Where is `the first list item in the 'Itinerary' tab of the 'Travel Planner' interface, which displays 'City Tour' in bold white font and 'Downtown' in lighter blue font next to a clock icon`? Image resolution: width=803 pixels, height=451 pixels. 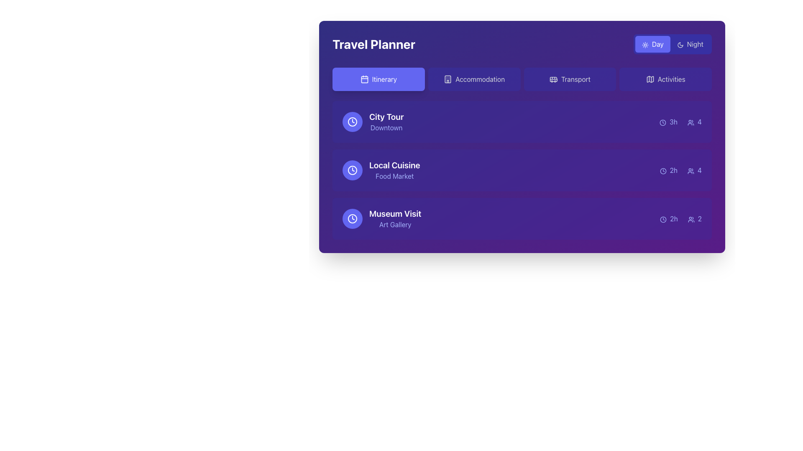
the first list item in the 'Itinerary' tab of the 'Travel Planner' interface, which displays 'City Tour' in bold white font and 'Downtown' in lighter blue font next to a clock icon is located at coordinates (373, 122).